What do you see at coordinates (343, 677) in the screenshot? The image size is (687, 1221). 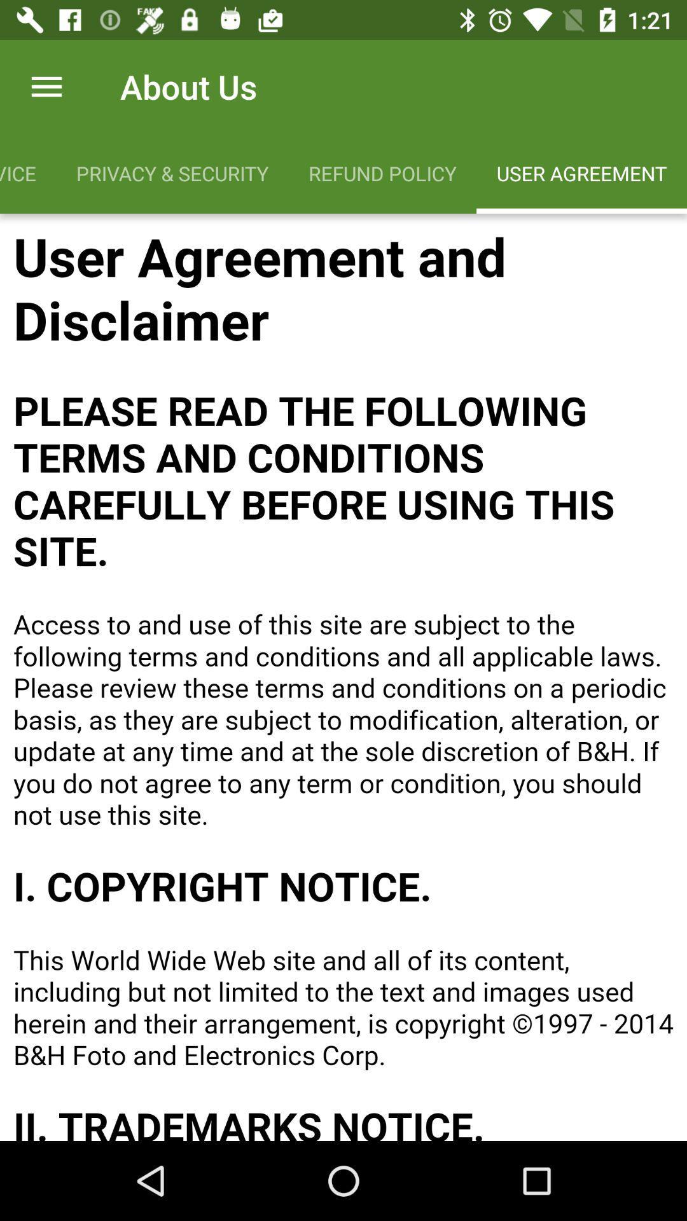 I see `make advertisement` at bounding box center [343, 677].